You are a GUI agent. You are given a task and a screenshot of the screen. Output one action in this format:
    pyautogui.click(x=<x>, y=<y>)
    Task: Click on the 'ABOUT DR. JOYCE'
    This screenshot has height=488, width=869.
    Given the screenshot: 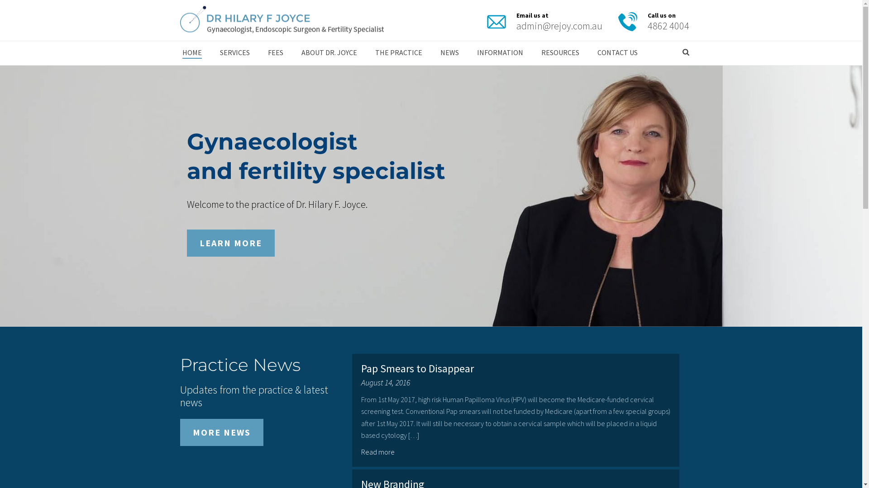 What is the action you would take?
    pyautogui.click(x=329, y=53)
    